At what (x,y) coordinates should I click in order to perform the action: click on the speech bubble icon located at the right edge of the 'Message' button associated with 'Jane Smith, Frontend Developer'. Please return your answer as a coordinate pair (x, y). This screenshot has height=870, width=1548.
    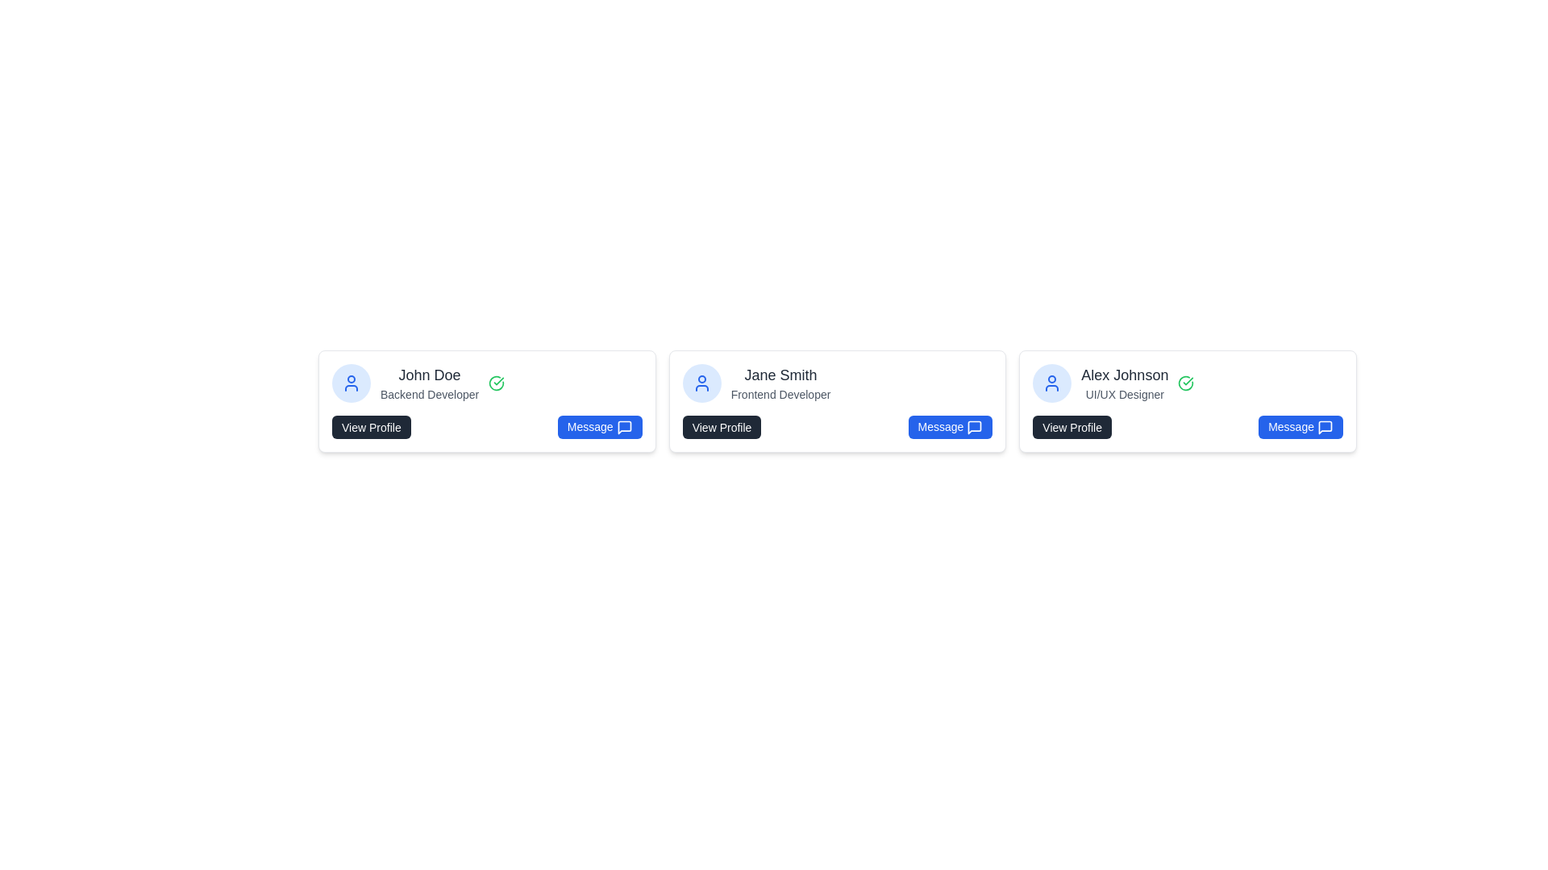
    Looking at the image, I should click on (974, 427).